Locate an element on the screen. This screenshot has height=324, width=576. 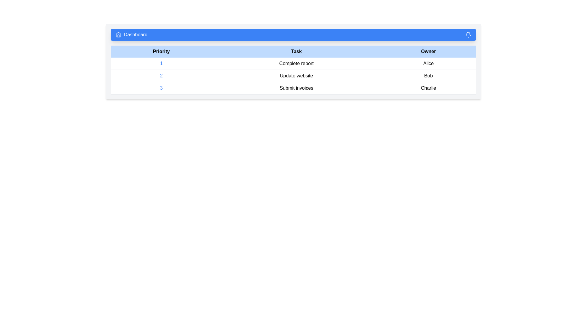
the task is located at coordinates (293, 64).